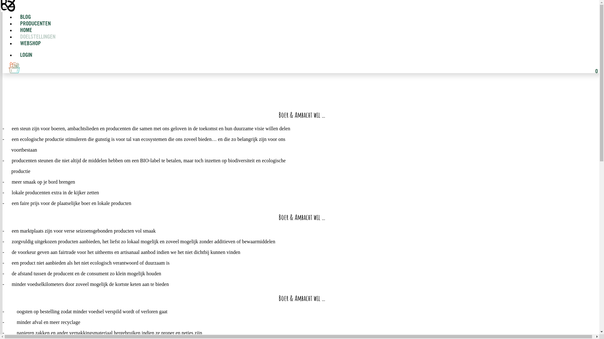  Describe the element at coordinates (35, 24) in the screenshot. I see `'PRODUCENTEN'` at that location.